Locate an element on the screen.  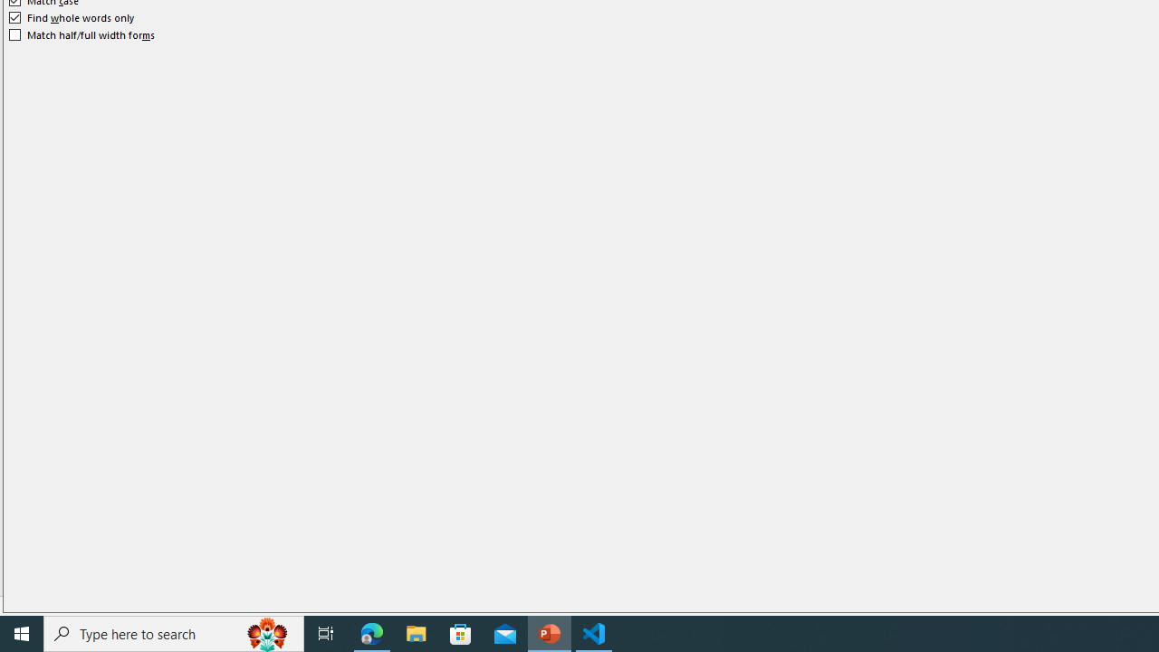
'Find whole words only' is located at coordinates (72, 18).